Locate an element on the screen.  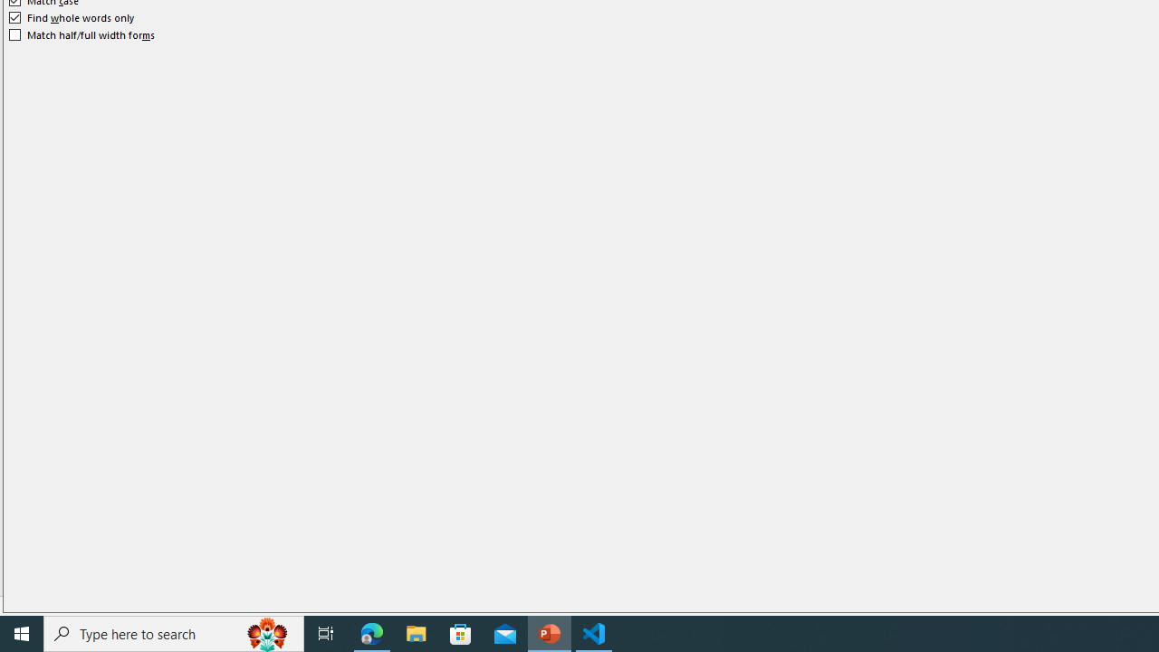
'Find whole words only' is located at coordinates (72, 18).